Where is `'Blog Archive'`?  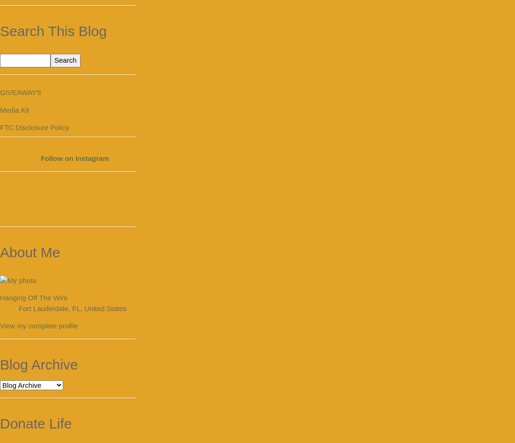 'Blog Archive' is located at coordinates (39, 364).